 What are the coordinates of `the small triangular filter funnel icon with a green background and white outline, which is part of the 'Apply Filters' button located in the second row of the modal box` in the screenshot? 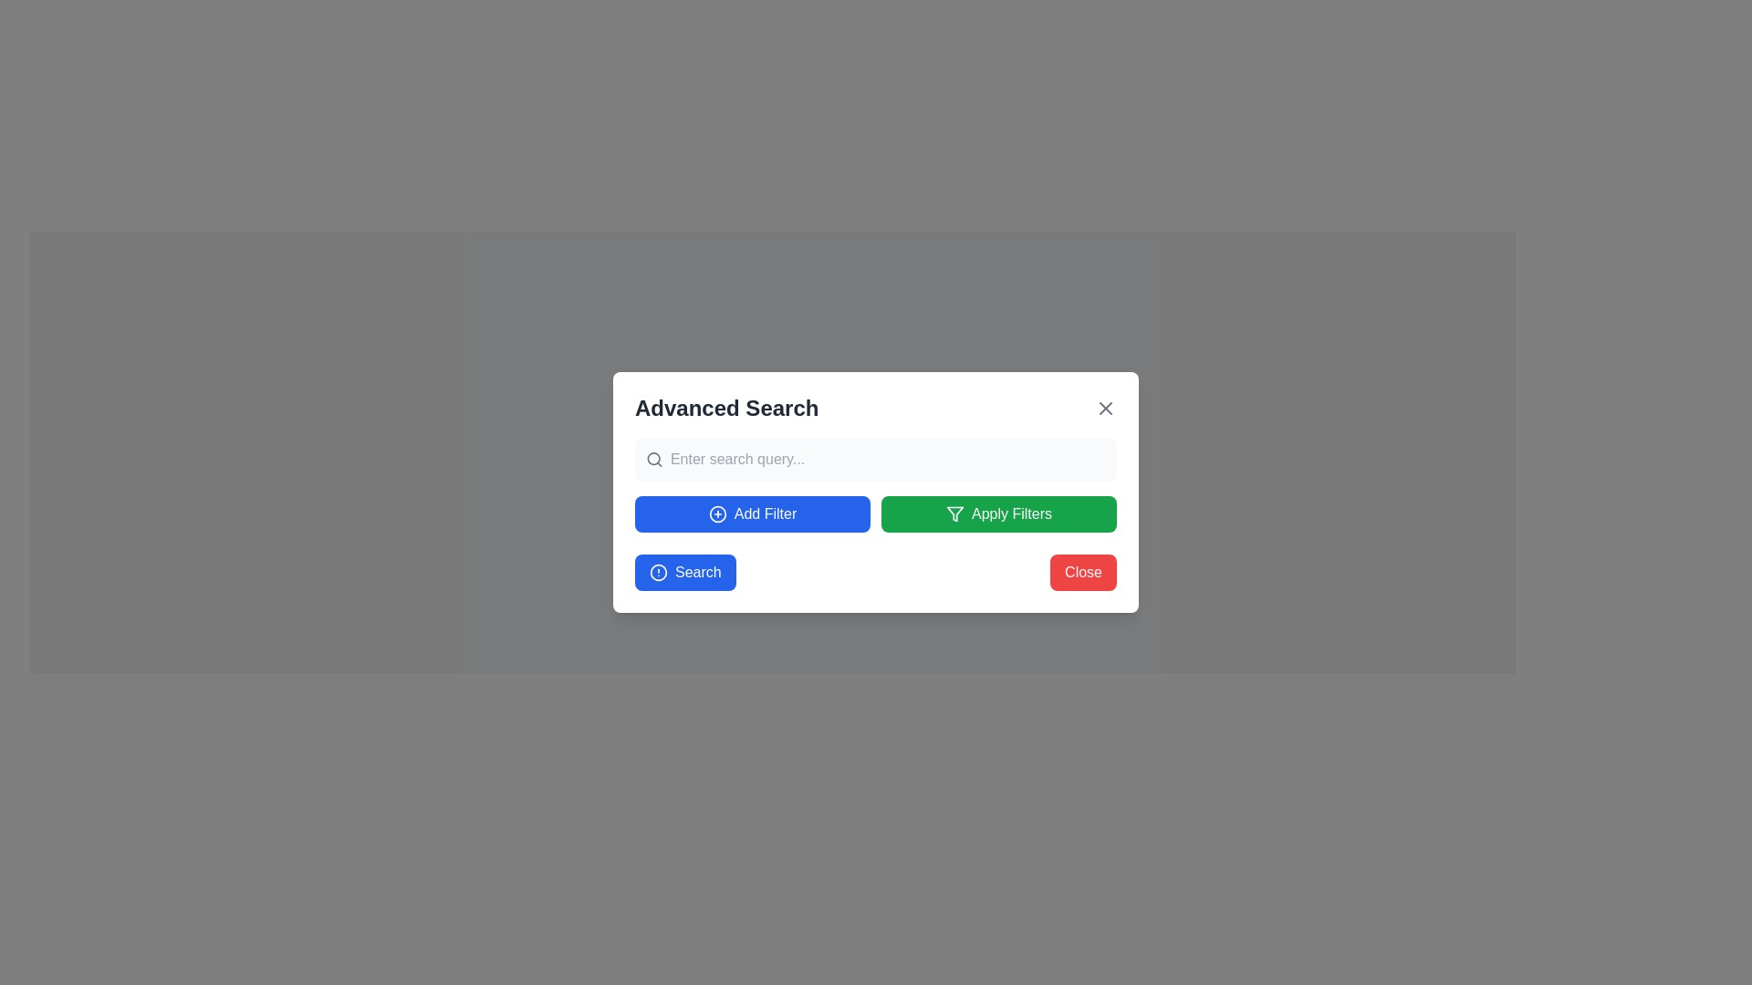 It's located at (954, 513).